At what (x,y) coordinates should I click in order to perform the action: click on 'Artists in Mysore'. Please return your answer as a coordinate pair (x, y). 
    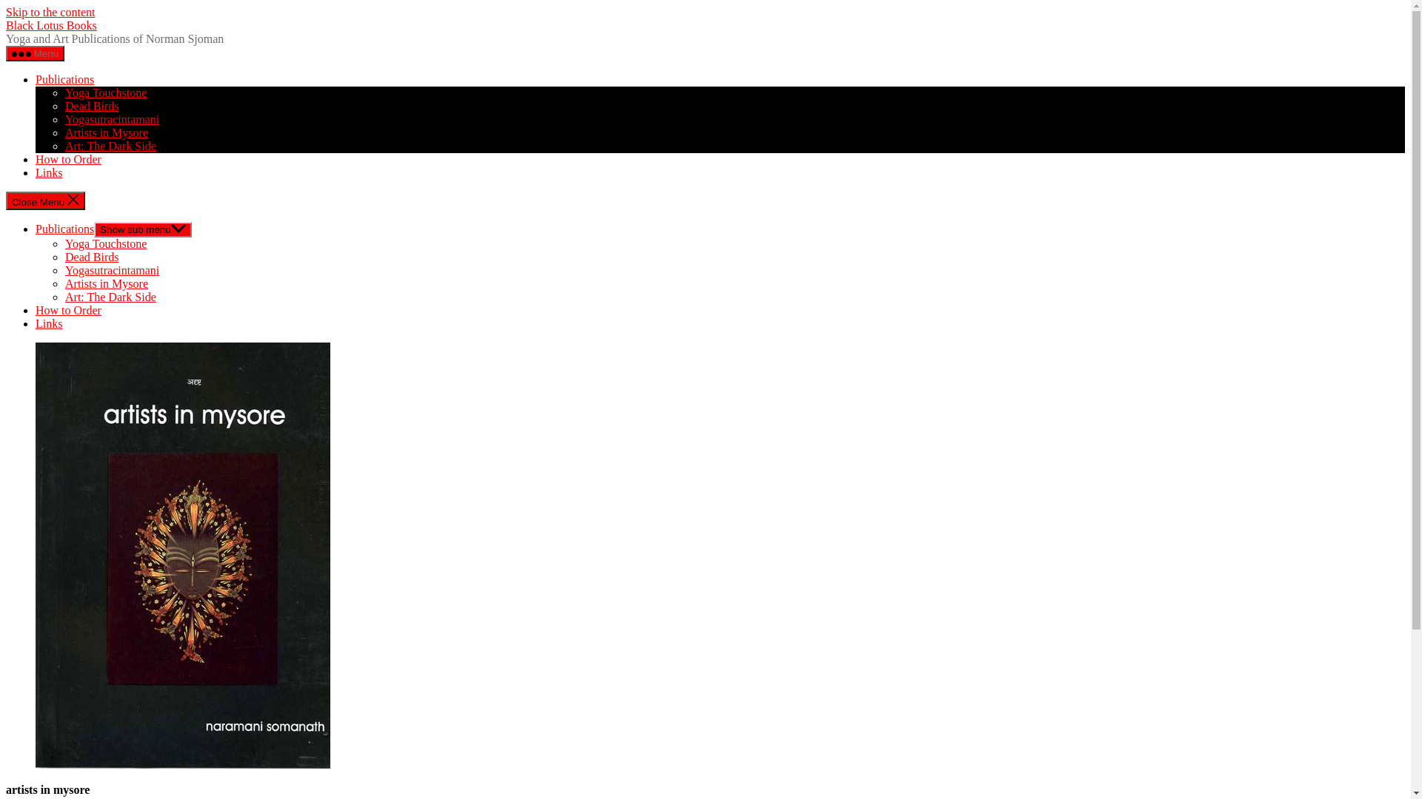
    Looking at the image, I should click on (106, 283).